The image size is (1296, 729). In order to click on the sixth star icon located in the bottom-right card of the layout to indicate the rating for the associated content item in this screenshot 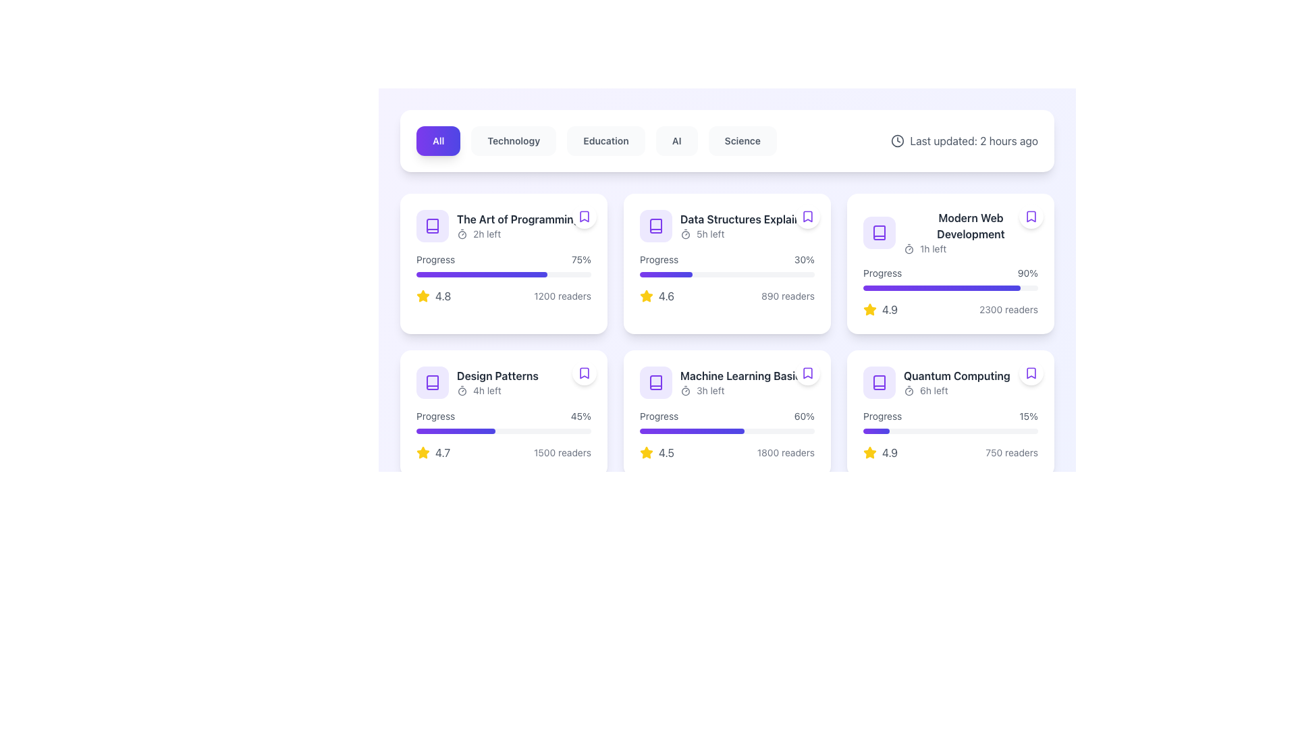, I will do `click(646, 452)`.